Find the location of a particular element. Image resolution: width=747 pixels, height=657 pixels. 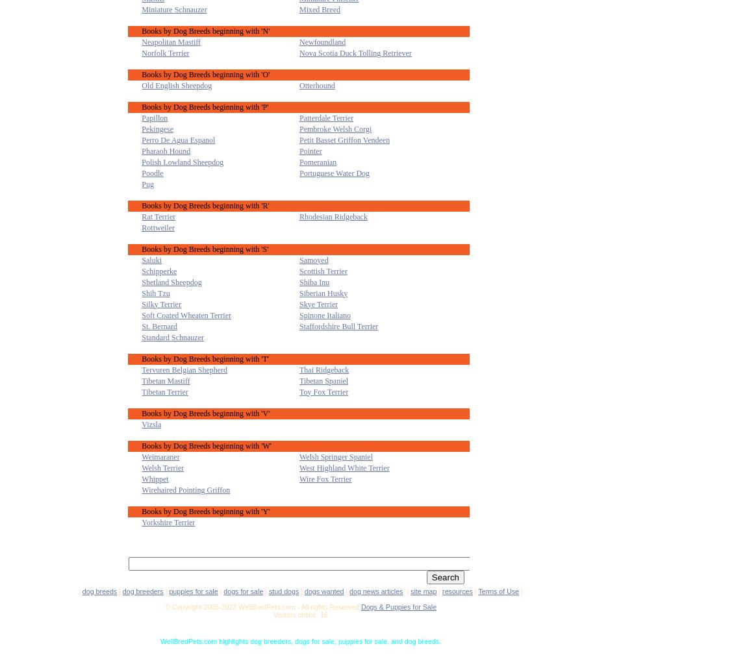

'dogs for sale' is located at coordinates (243, 590).